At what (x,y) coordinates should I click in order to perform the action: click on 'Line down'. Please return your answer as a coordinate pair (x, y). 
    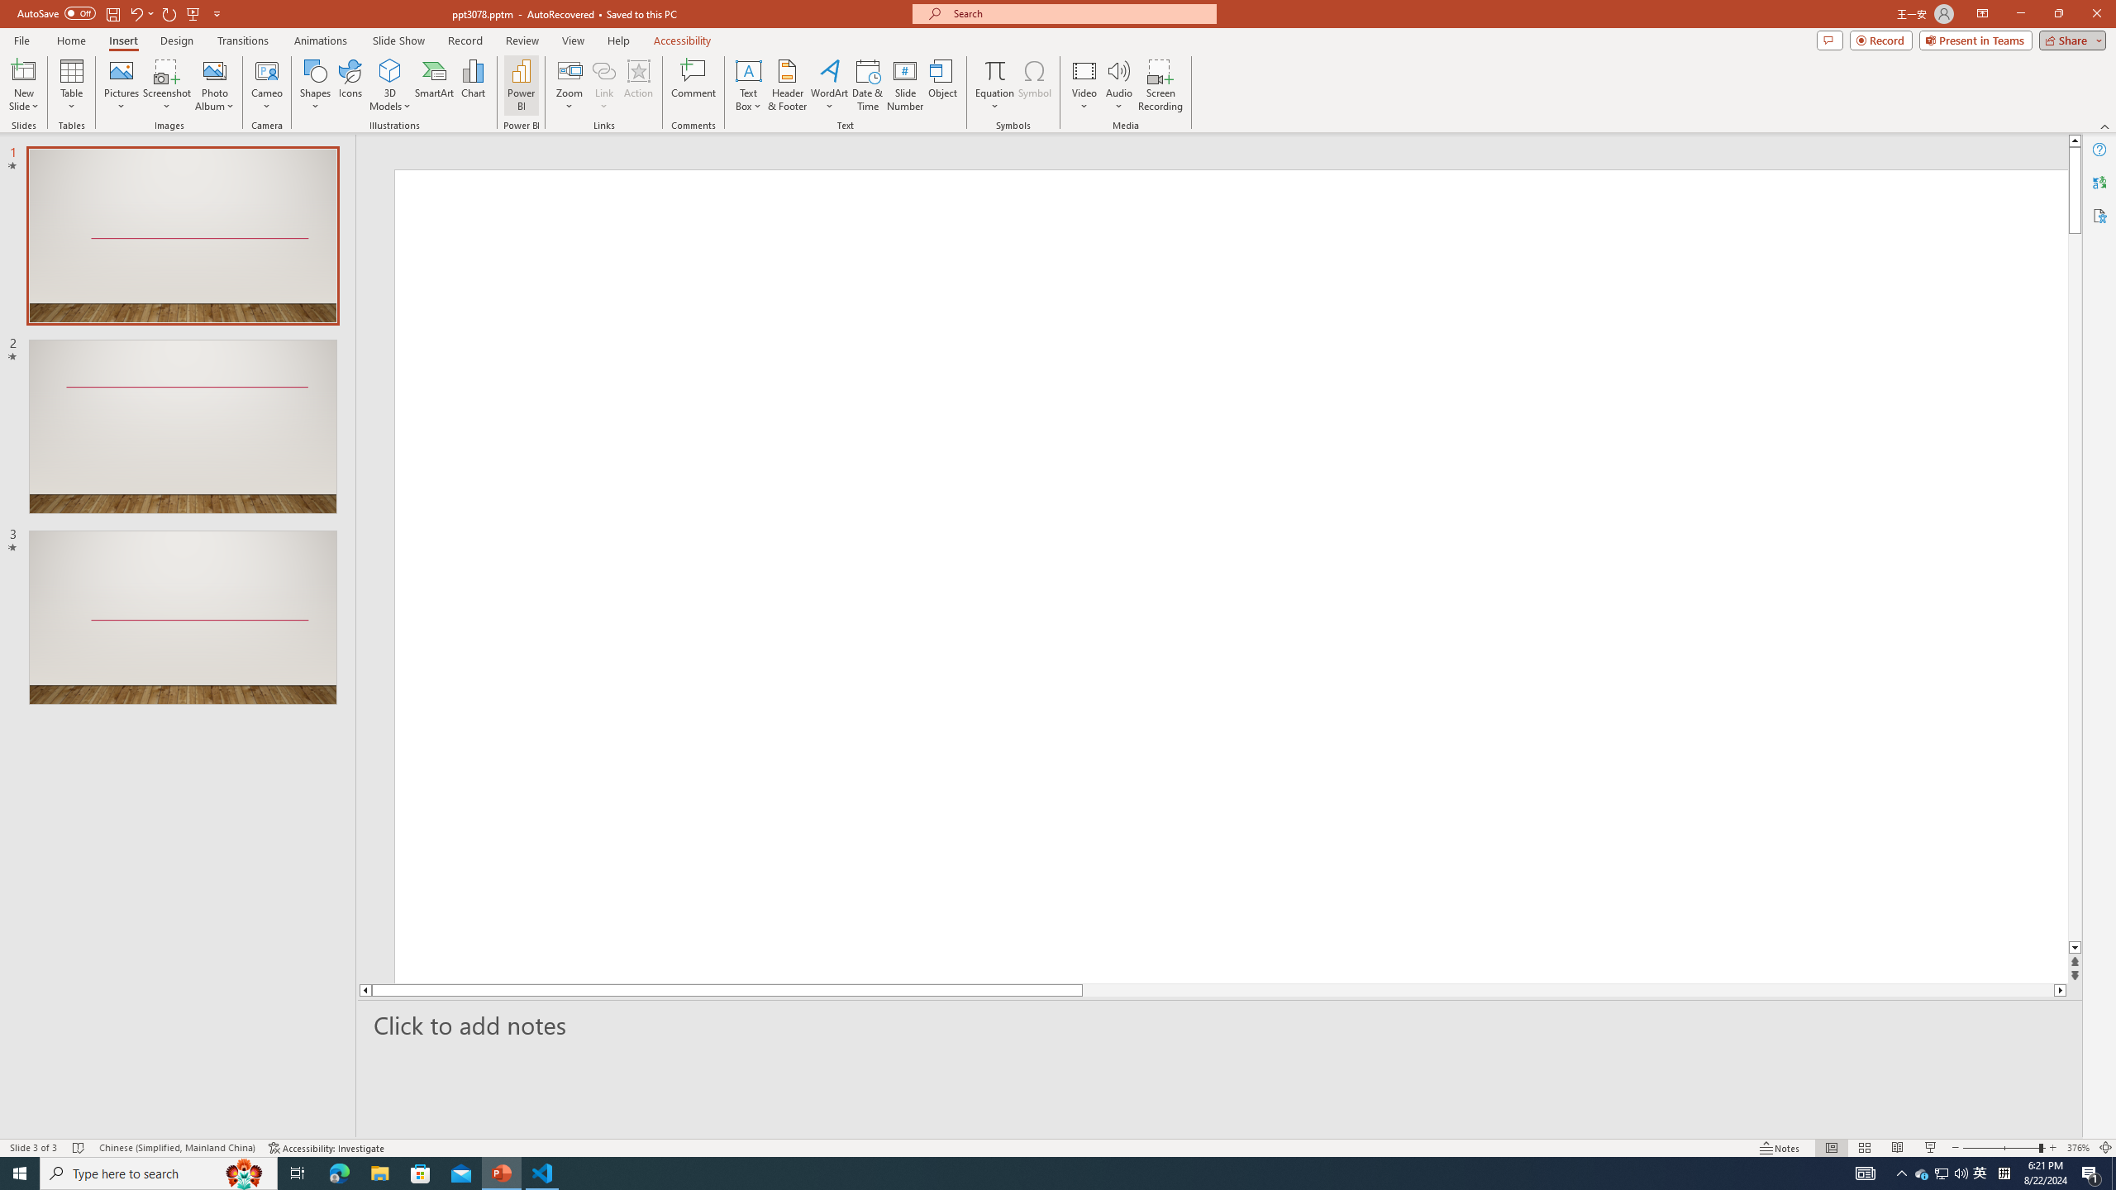
    Looking at the image, I should click on (2075, 947).